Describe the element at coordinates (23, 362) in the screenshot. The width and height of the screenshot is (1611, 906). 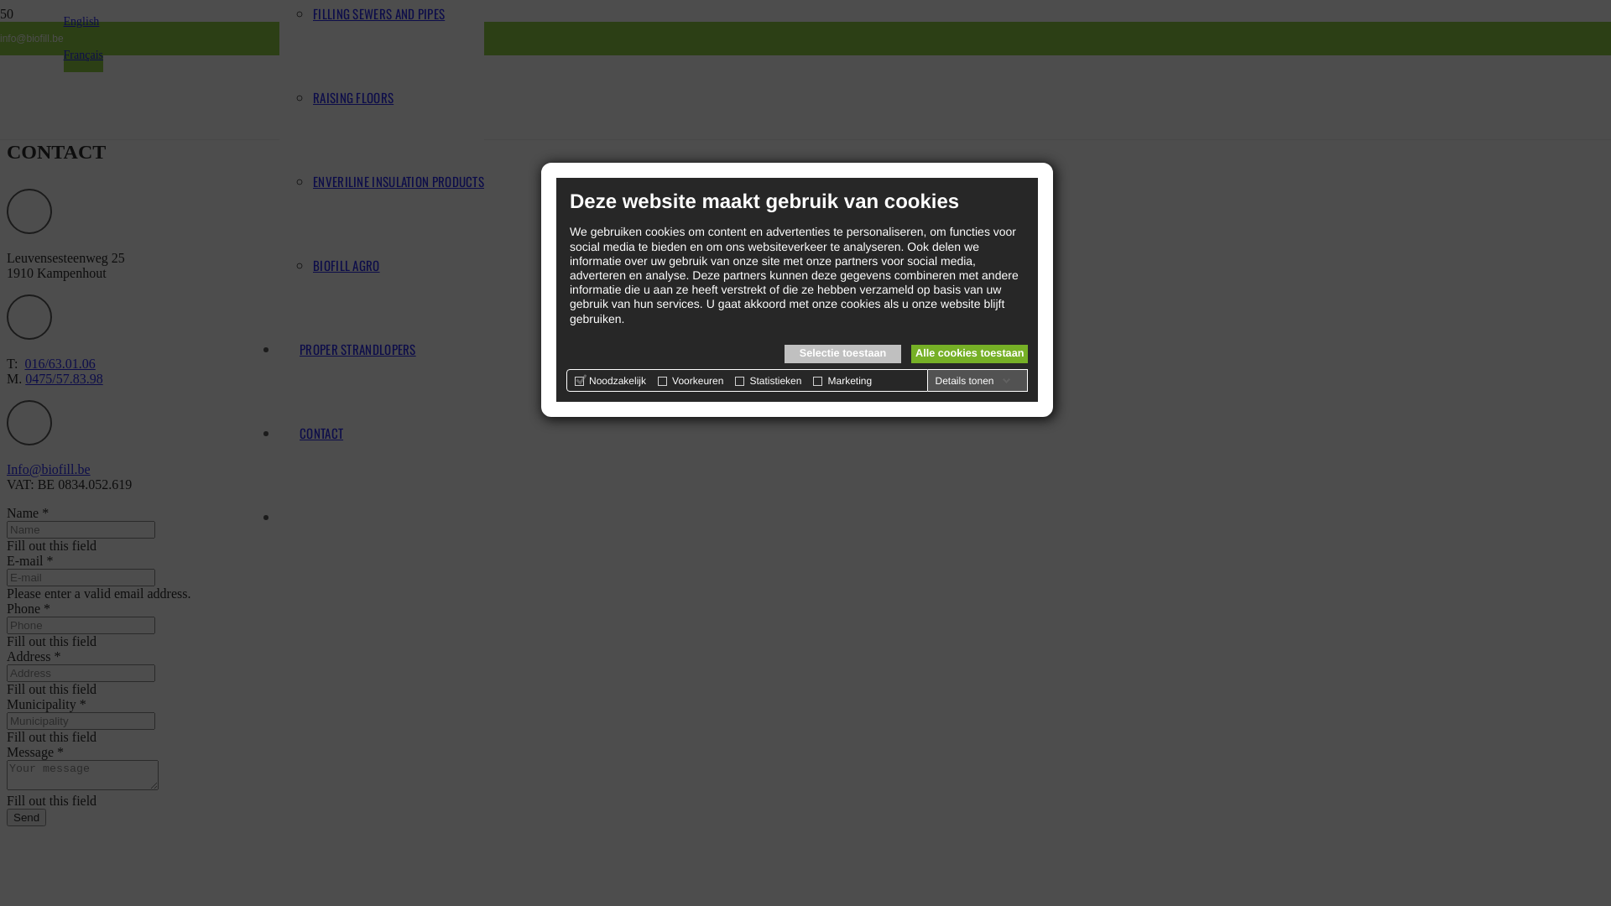
I see `'016/63.01.06'` at that location.